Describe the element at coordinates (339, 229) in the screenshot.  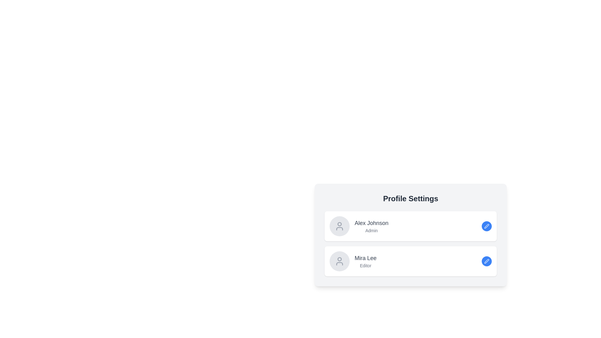
I see `the lower portion of the user icon SVG representing the torso of 'Alex Johnson' in the Profile Settings interface` at that location.